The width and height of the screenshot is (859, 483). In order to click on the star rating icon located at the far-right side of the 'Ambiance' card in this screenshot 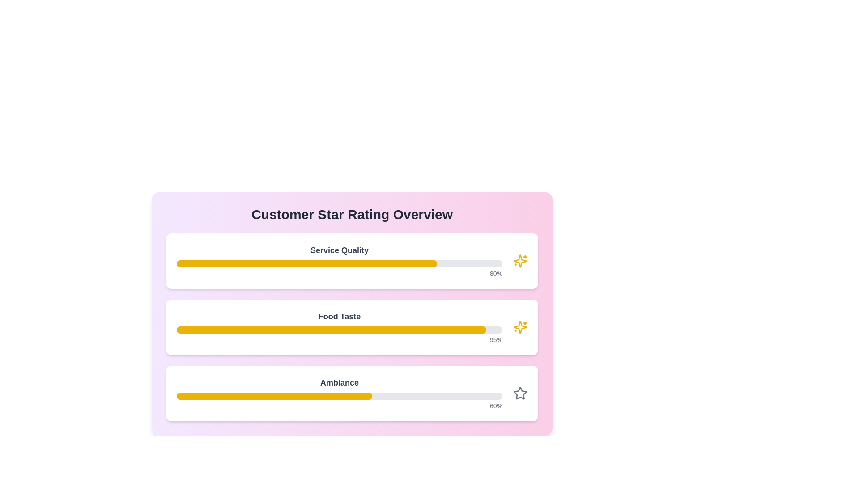, I will do `click(520, 393)`.